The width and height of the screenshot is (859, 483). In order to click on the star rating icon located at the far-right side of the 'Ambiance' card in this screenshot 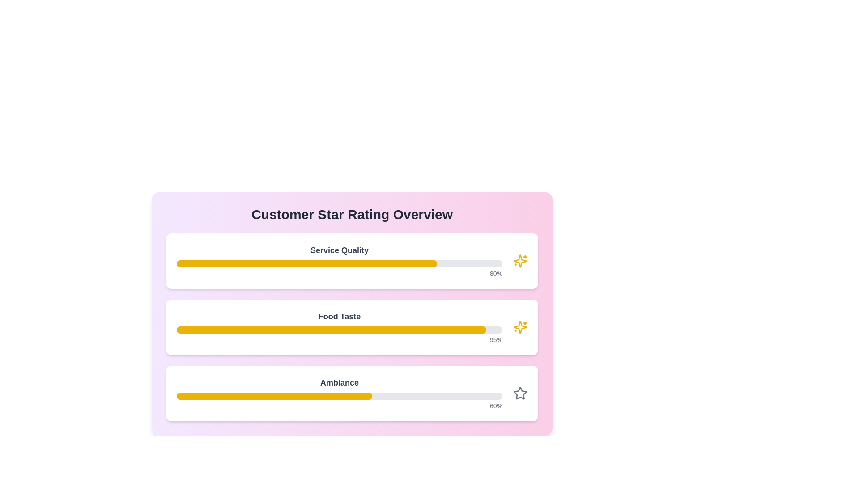, I will do `click(520, 393)`.